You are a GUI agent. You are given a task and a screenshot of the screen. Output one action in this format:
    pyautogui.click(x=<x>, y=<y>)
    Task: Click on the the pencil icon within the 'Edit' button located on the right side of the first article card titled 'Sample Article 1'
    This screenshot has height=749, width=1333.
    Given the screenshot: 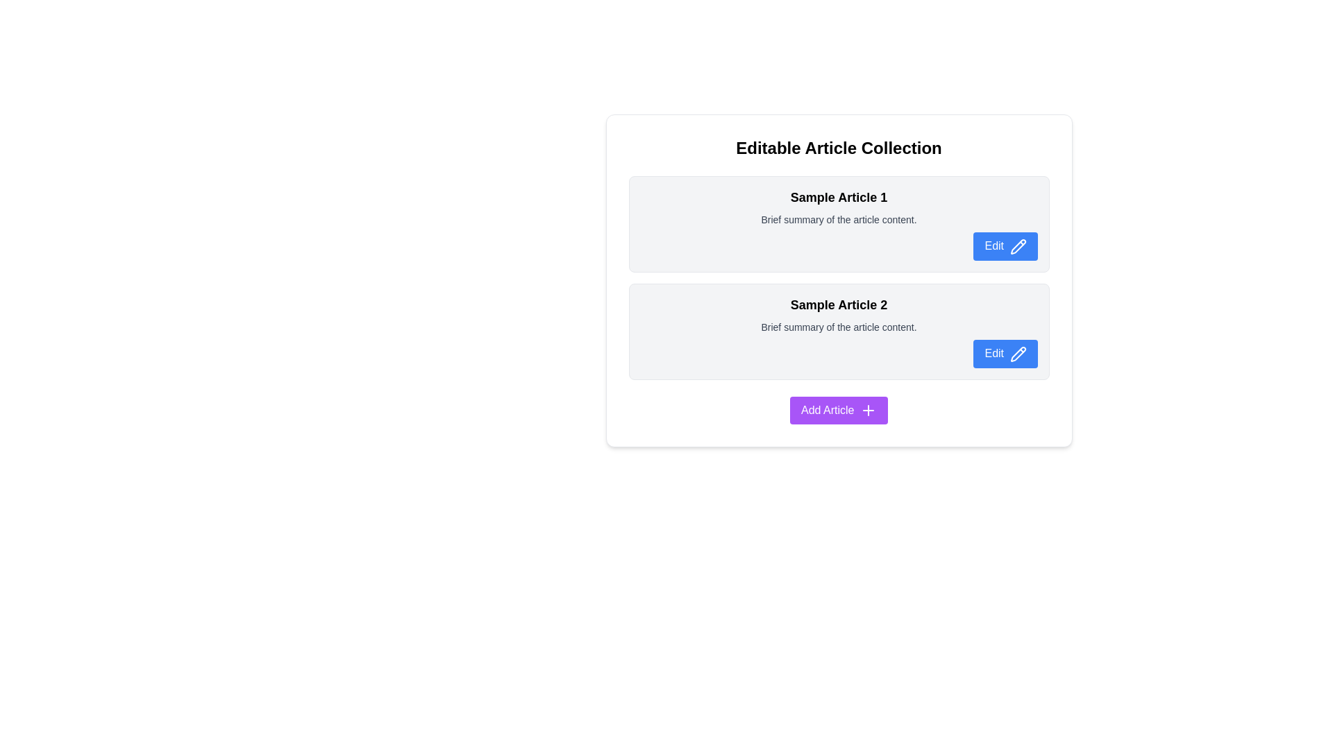 What is the action you would take?
    pyautogui.click(x=1018, y=246)
    